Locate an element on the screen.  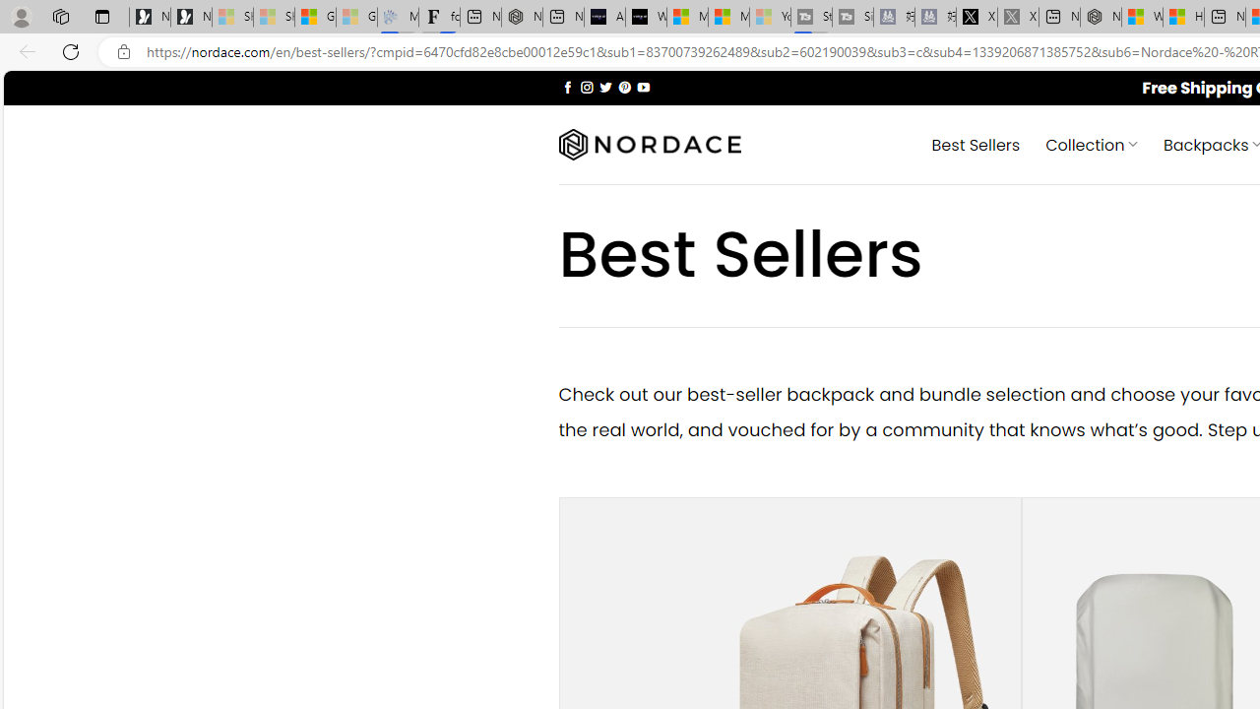
'Workspaces' is located at coordinates (60, 16).